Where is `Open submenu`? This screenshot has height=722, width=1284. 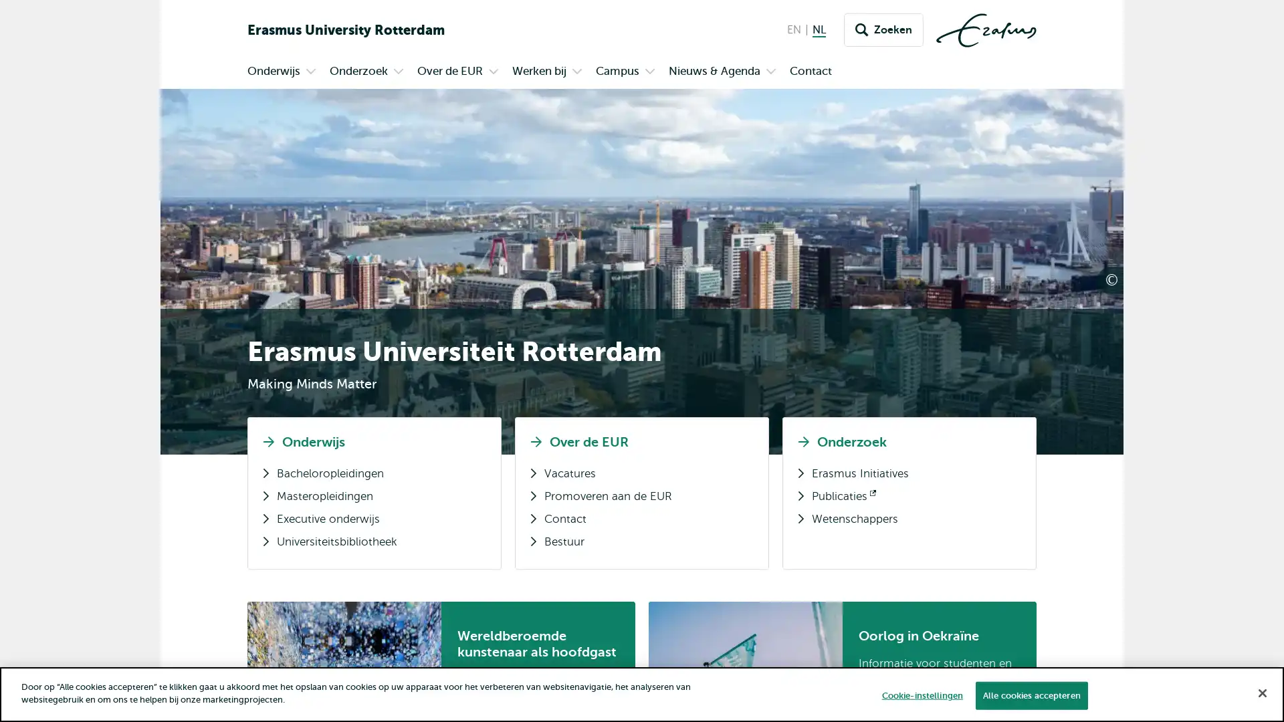 Open submenu is located at coordinates (770, 72).